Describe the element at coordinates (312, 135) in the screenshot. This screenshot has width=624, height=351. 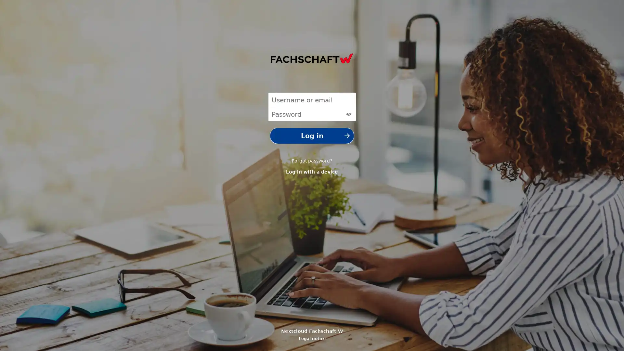
I see `Log in` at that location.